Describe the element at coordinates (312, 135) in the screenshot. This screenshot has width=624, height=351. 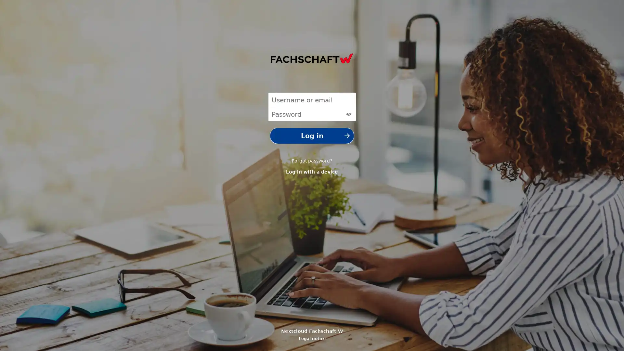
I see `Log in` at that location.